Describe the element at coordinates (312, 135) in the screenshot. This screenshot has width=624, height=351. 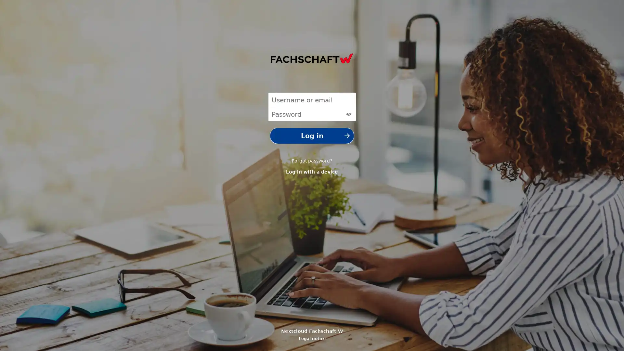
I see `Log in` at that location.